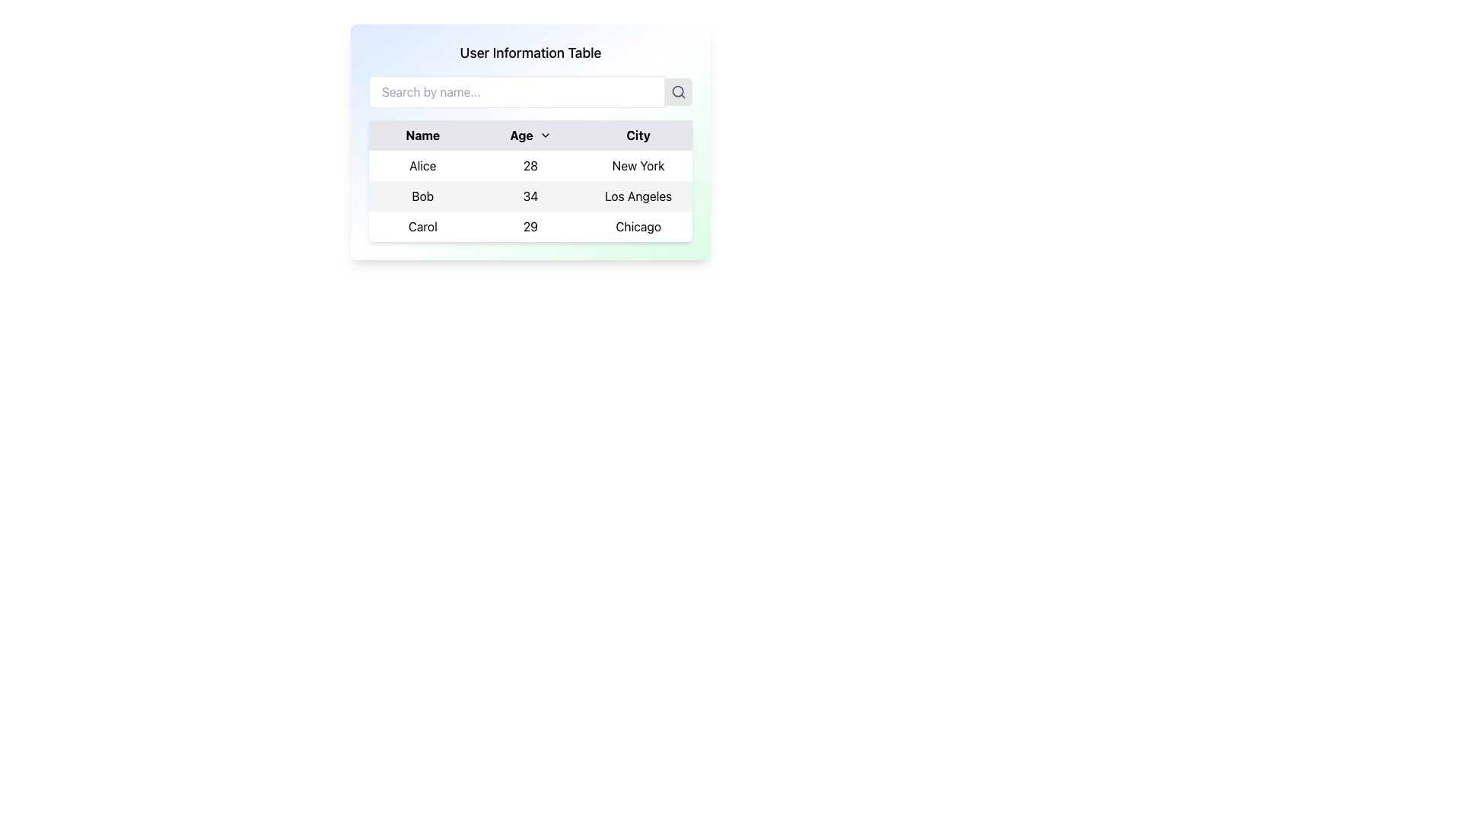  What do you see at coordinates (530, 196) in the screenshot?
I see `the second row of the 'User Information Table'` at bounding box center [530, 196].